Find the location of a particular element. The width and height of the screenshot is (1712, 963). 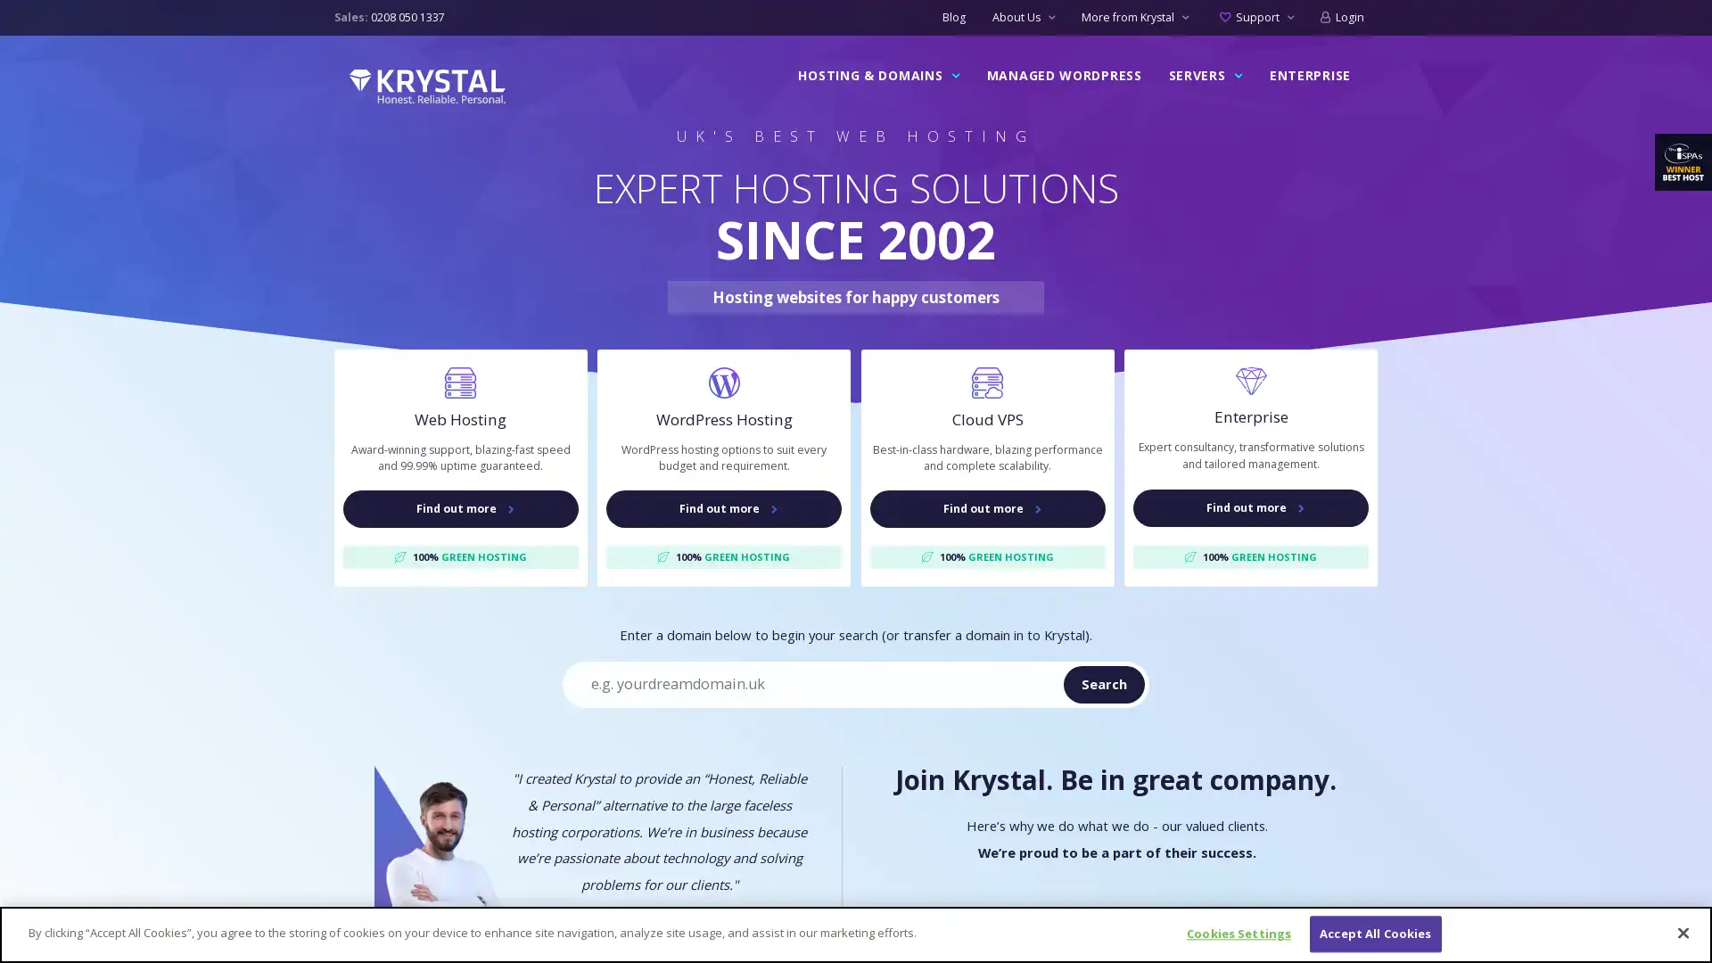

Accept All Cookies is located at coordinates (1374, 933).